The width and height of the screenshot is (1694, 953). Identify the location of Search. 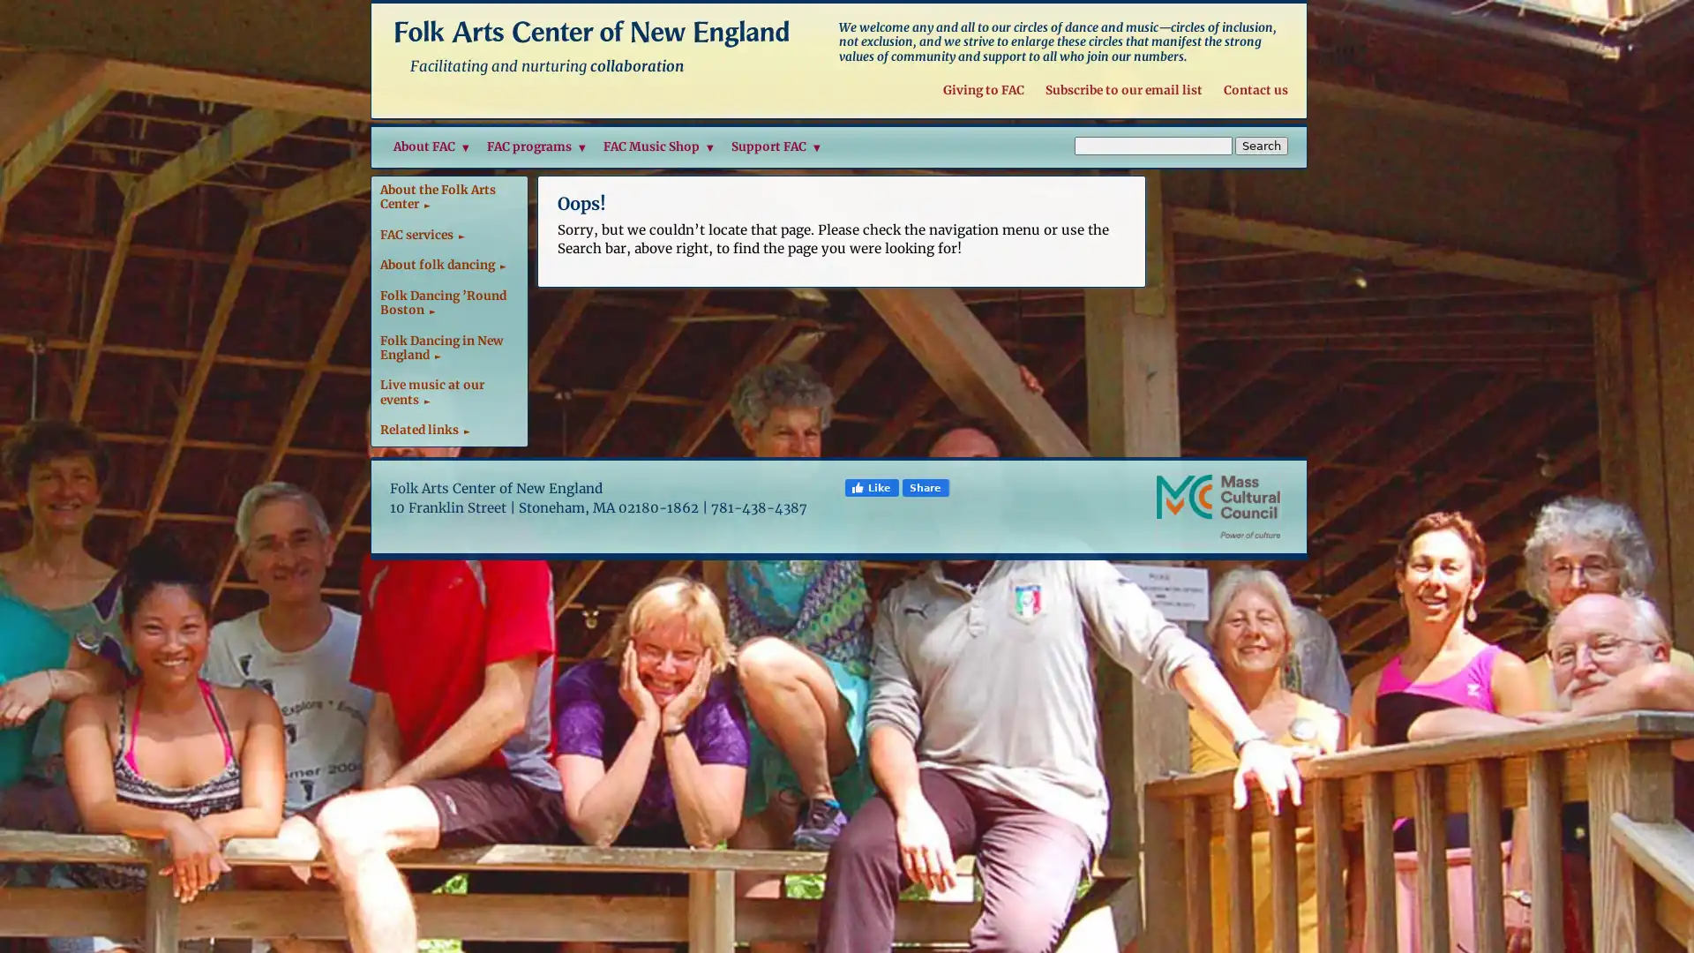
(1261, 144).